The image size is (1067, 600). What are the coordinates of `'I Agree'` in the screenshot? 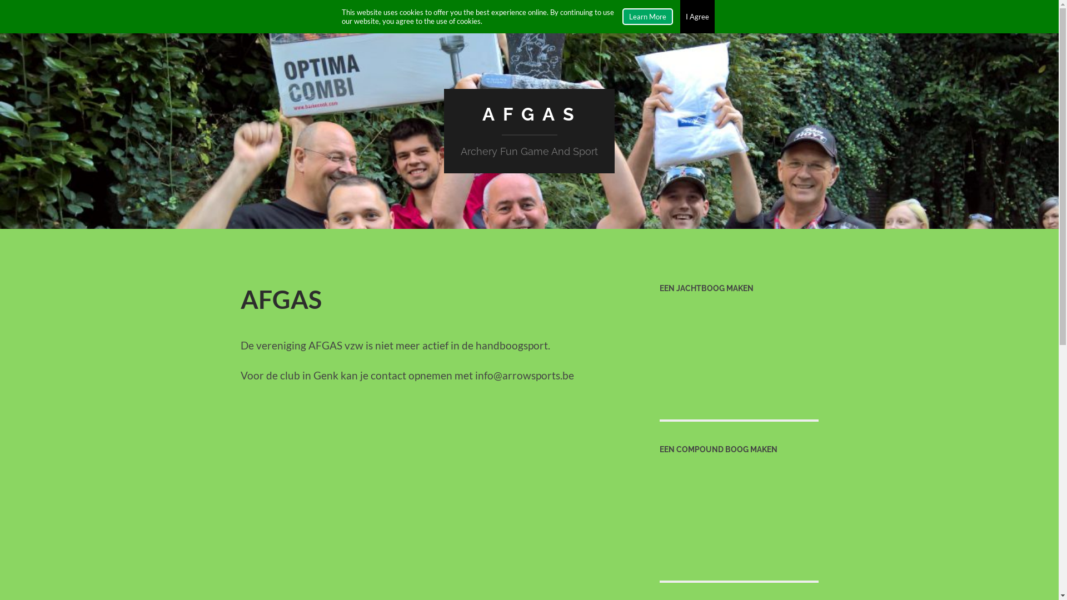 It's located at (696, 17).